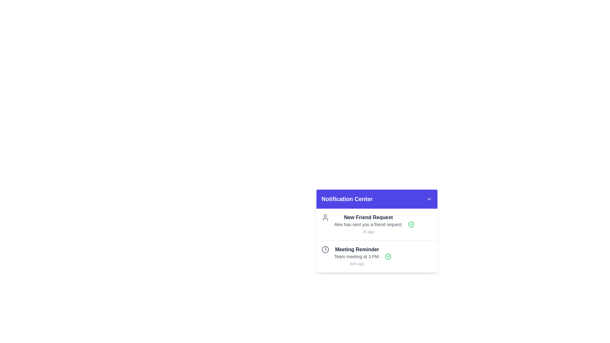 The height and width of the screenshot is (343, 610). Describe the element at coordinates (368, 224) in the screenshot. I see `the text label that says 'Alex has sent you a friend request.' found in the 'New Friend Request' notification block under the 'Notification Center'` at that location.